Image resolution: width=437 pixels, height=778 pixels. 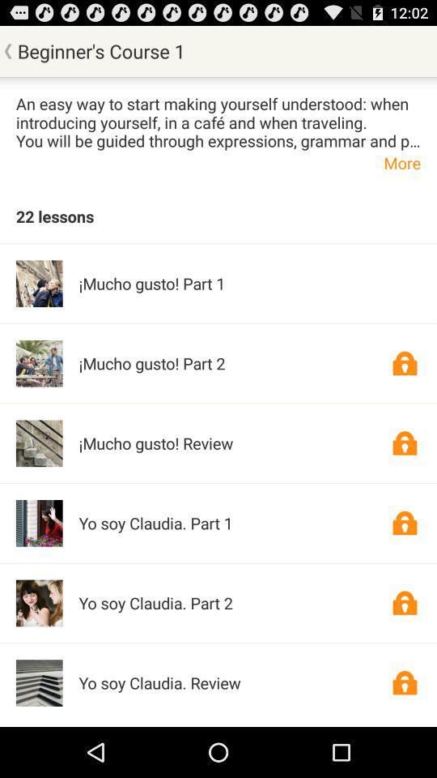 What do you see at coordinates (218, 162) in the screenshot?
I see `the more icon` at bounding box center [218, 162].